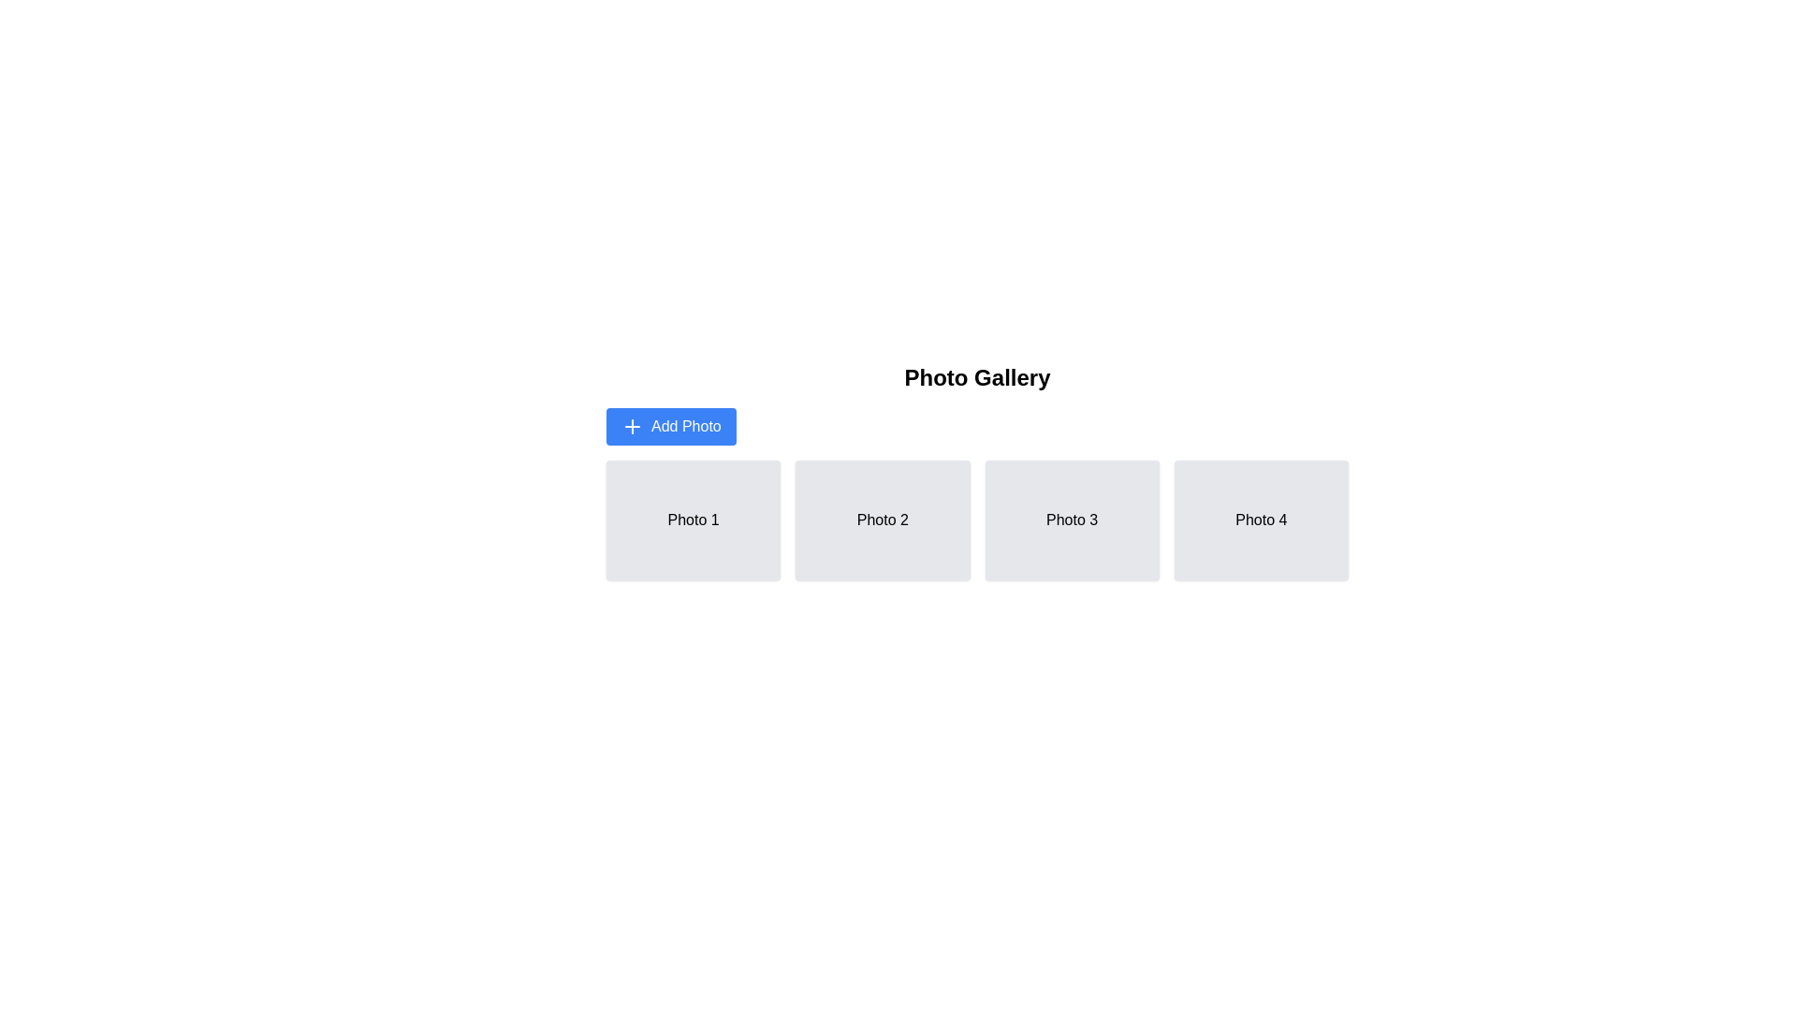 The image size is (1797, 1011). I want to click on the small circular button with a red background and a white 'X' symbol located at the top right corner of the 'Photo 3' card to make it visible if initially hidden, so click(1143, 475).